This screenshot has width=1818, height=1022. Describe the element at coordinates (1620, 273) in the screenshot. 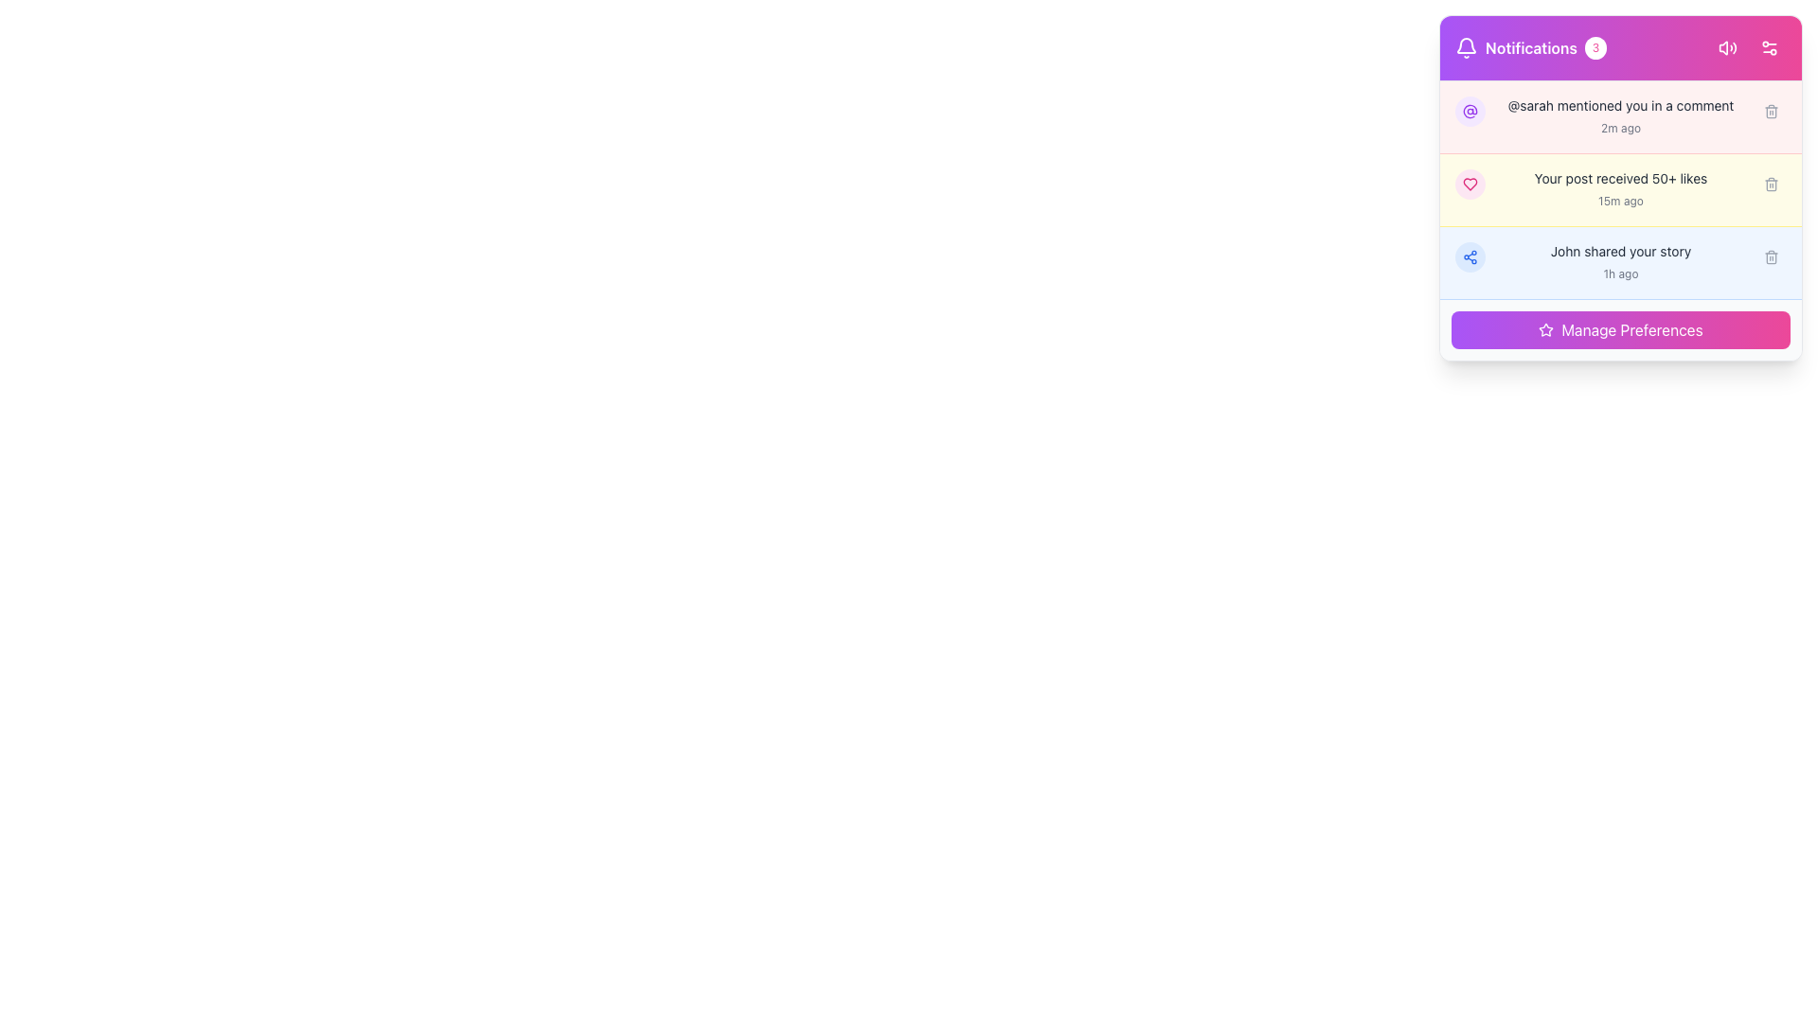

I see `timestamp text '1h ago' displayed in light gray underneath the main text 'John shared your story' in the notification card` at that location.